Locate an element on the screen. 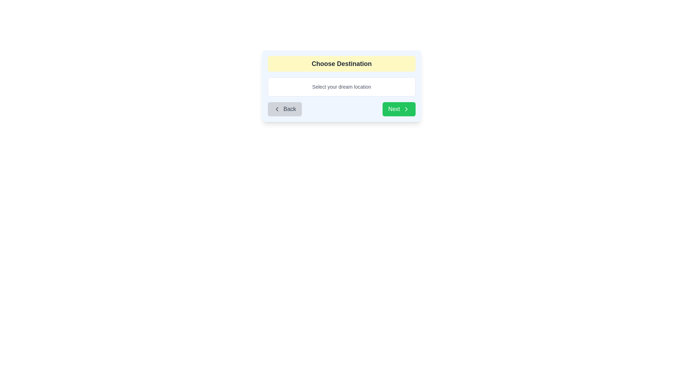 This screenshot has height=383, width=682. the small rightward pointing chevron icon located inside the green 'Next' button at the bottom right of the form is located at coordinates (406, 109).